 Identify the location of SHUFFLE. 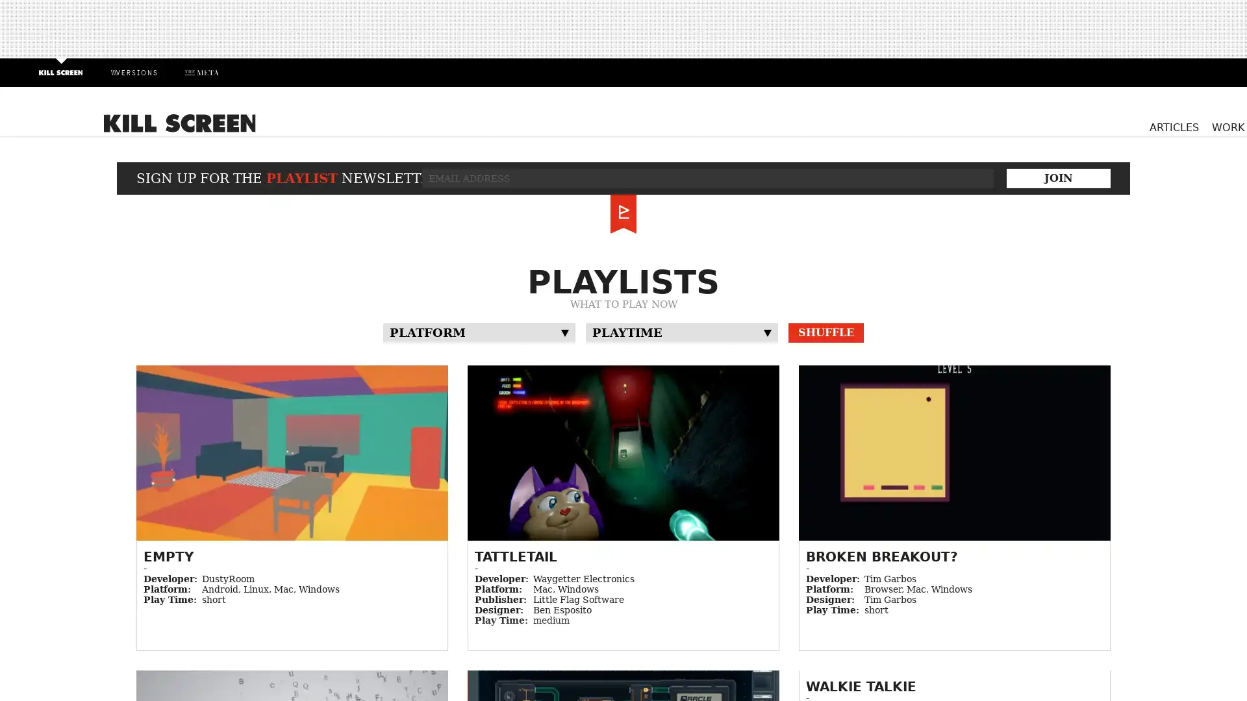
(825, 332).